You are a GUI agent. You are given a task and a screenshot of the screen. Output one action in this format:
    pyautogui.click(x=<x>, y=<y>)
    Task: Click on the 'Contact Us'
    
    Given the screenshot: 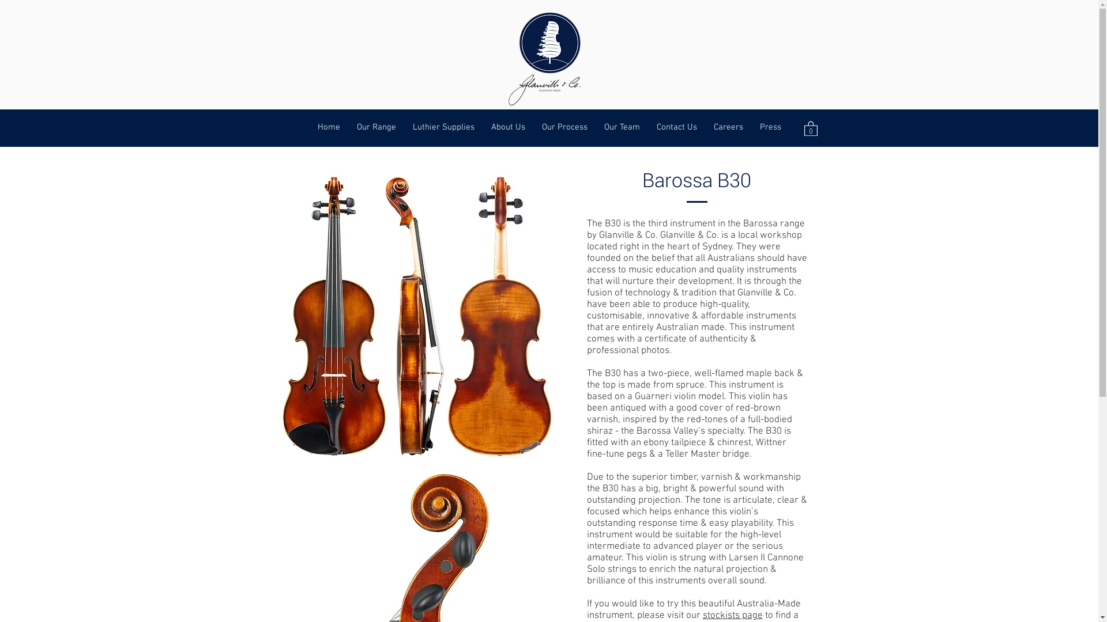 What is the action you would take?
    pyautogui.click(x=647, y=127)
    